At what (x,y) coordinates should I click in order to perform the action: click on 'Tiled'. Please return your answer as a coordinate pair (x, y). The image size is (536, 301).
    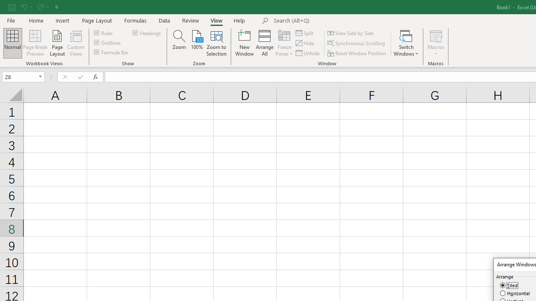
    Looking at the image, I should click on (509, 285).